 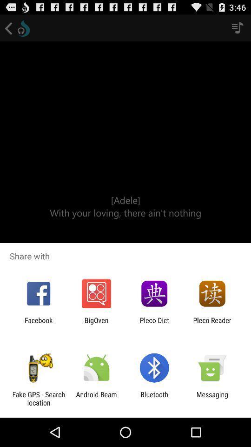 What do you see at coordinates (154, 324) in the screenshot?
I see `item next to the bigoven icon` at bounding box center [154, 324].